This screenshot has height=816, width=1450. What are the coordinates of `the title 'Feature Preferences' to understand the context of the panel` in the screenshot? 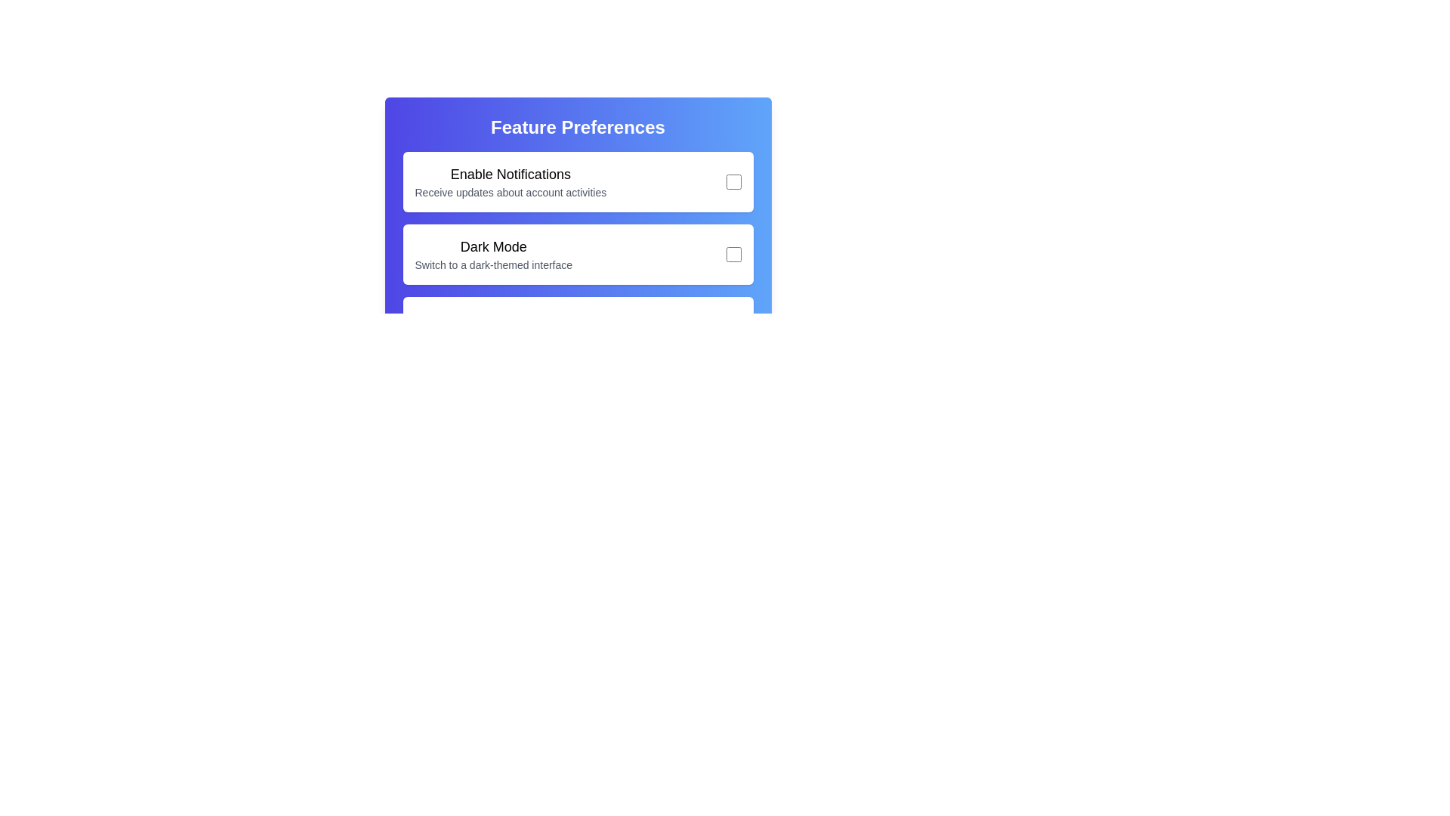 It's located at (577, 127).